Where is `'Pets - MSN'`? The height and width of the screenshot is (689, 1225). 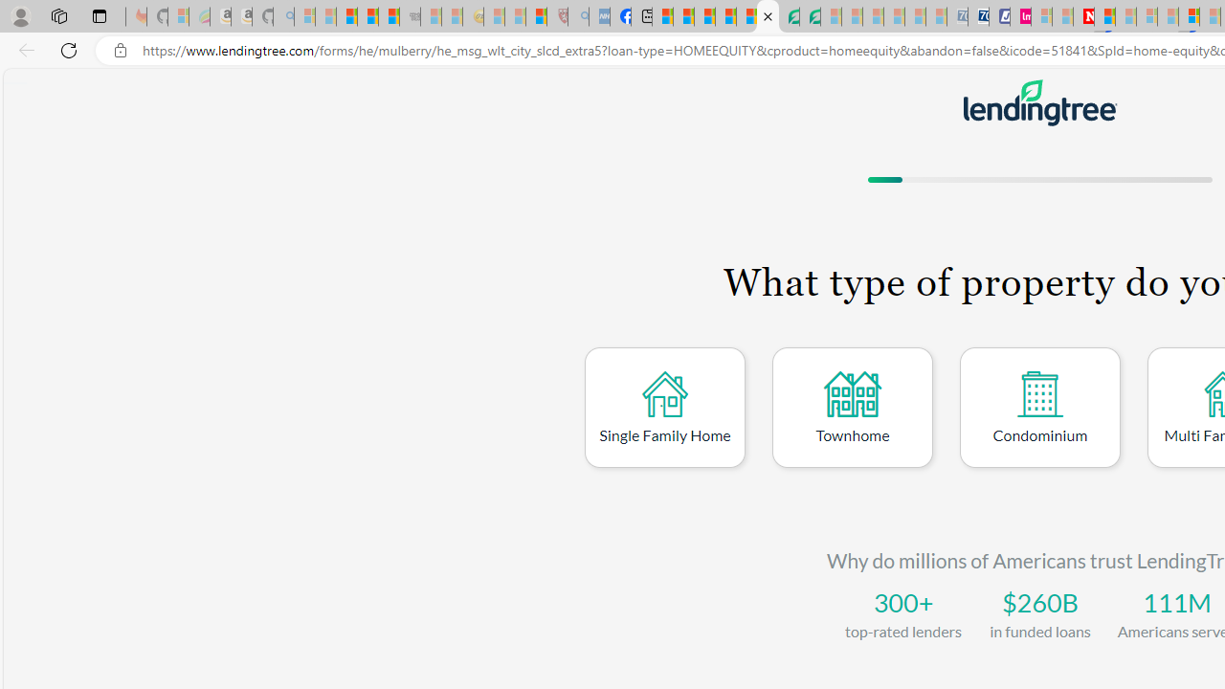
'Pets - MSN' is located at coordinates (724, 16).